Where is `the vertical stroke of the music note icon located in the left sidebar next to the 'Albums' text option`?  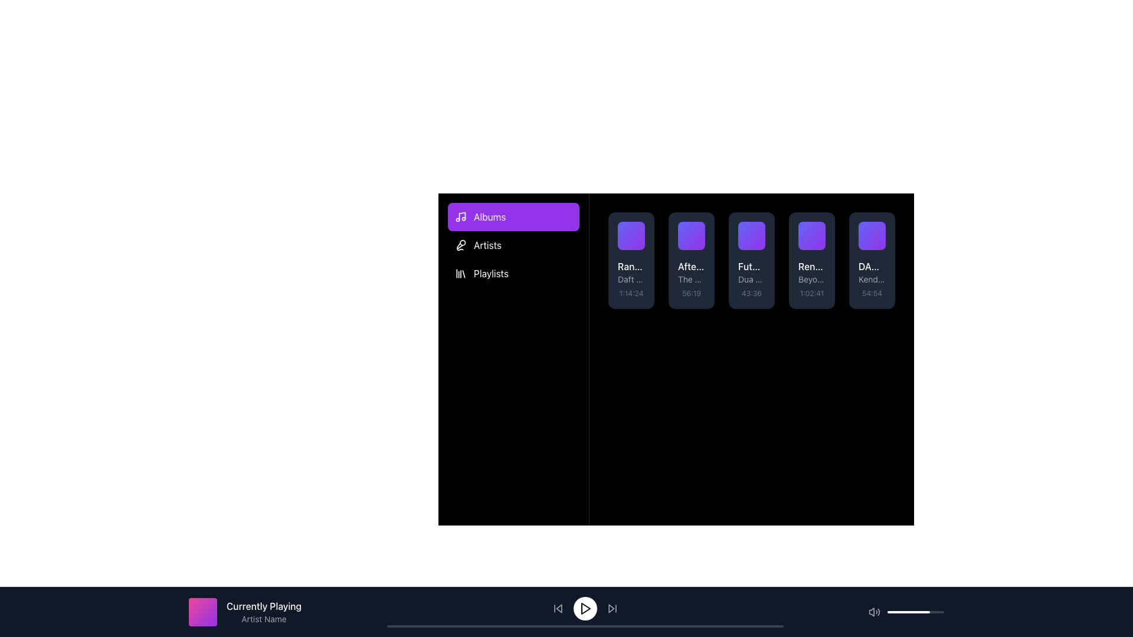 the vertical stroke of the music note icon located in the left sidebar next to the 'Albums' text option is located at coordinates (461, 216).